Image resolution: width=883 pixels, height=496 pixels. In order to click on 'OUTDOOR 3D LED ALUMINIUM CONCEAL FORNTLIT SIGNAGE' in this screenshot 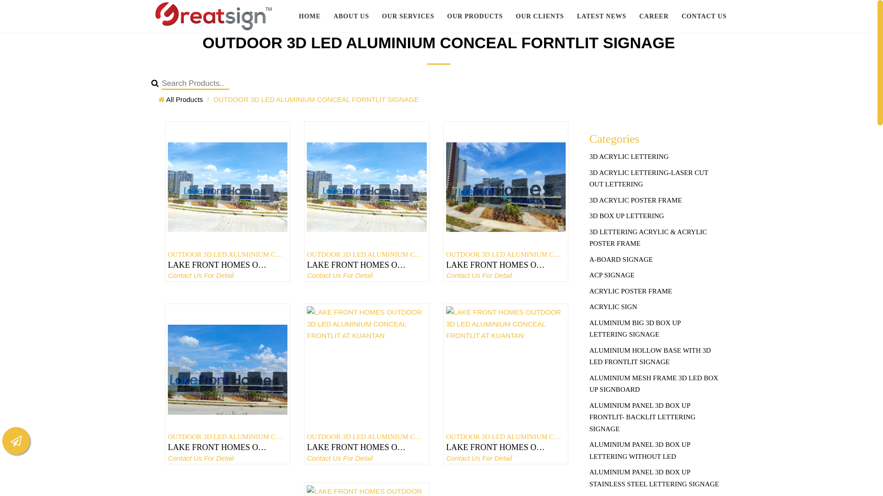, I will do `click(316, 99)`.